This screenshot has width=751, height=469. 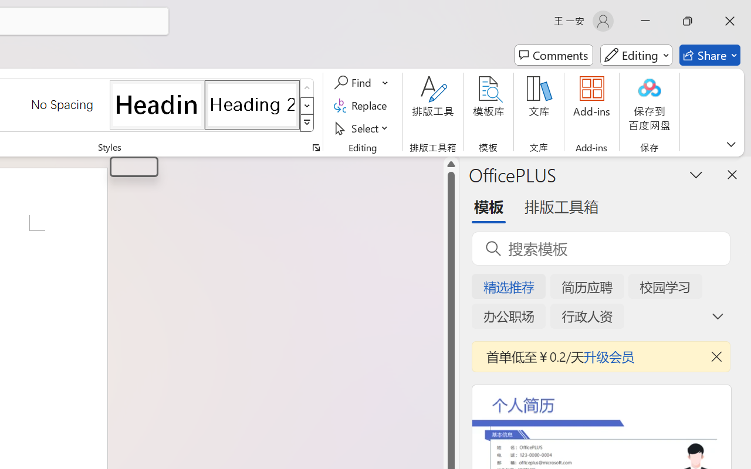 What do you see at coordinates (645, 21) in the screenshot?
I see `'Minimize'` at bounding box center [645, 21].